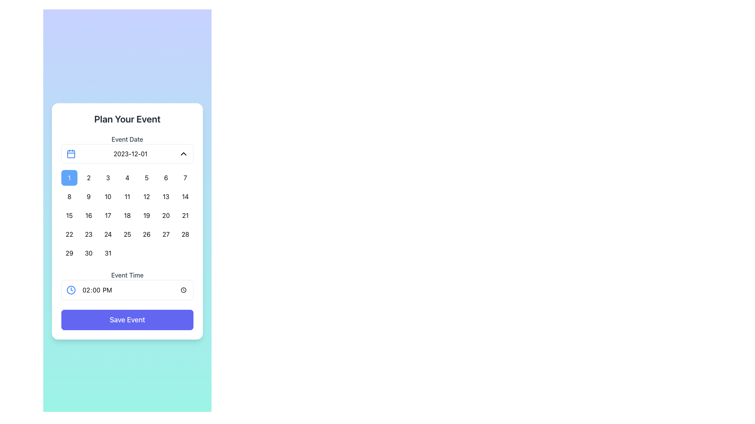 This screenshot has height=424, width=755. Describe the element at coordinates (185, 196) in the screenshot. I see `the button displaying the number '14' in a rounded square` at that location.